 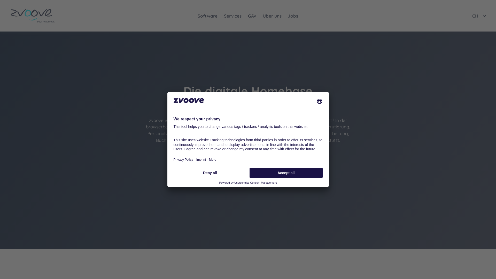 I want to click on 'Services entdecken', so click(x=277, y=156).